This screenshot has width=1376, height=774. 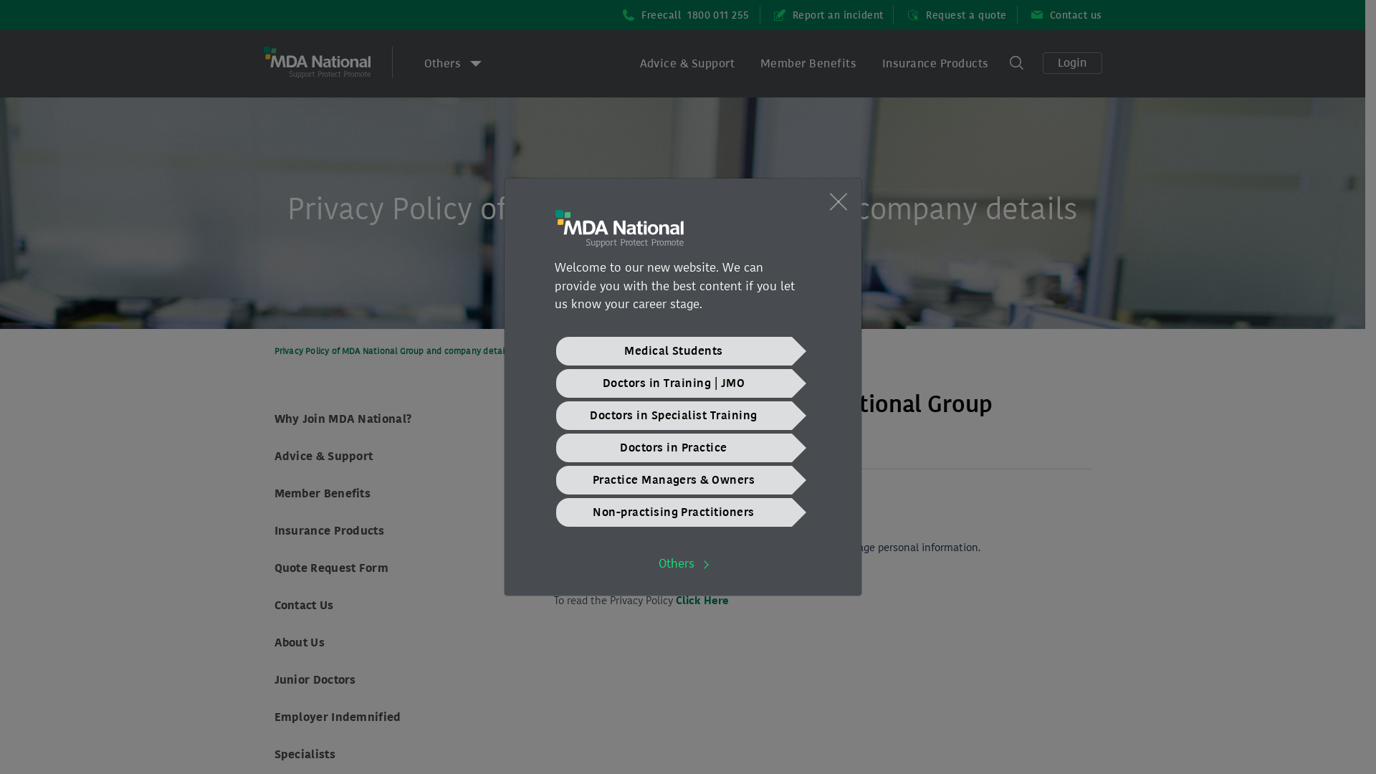 What do you see at coordinates (673, 415) in the screenshot?
I see `'Doctors in Specialist Training'` at bounding box center [673, 415].